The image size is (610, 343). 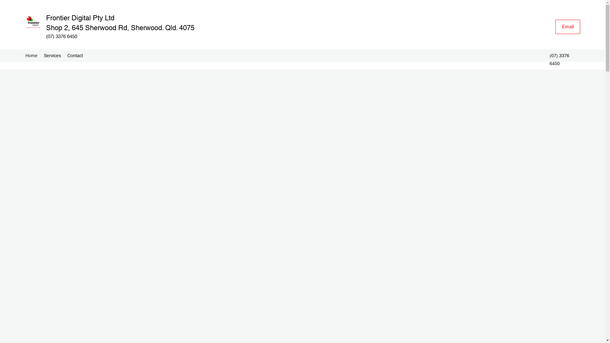 I want to click on 'Services', so click(x=40, y=55).